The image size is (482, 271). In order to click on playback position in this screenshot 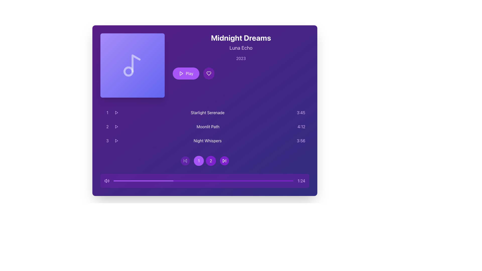, I will do `click(264, 181)`.